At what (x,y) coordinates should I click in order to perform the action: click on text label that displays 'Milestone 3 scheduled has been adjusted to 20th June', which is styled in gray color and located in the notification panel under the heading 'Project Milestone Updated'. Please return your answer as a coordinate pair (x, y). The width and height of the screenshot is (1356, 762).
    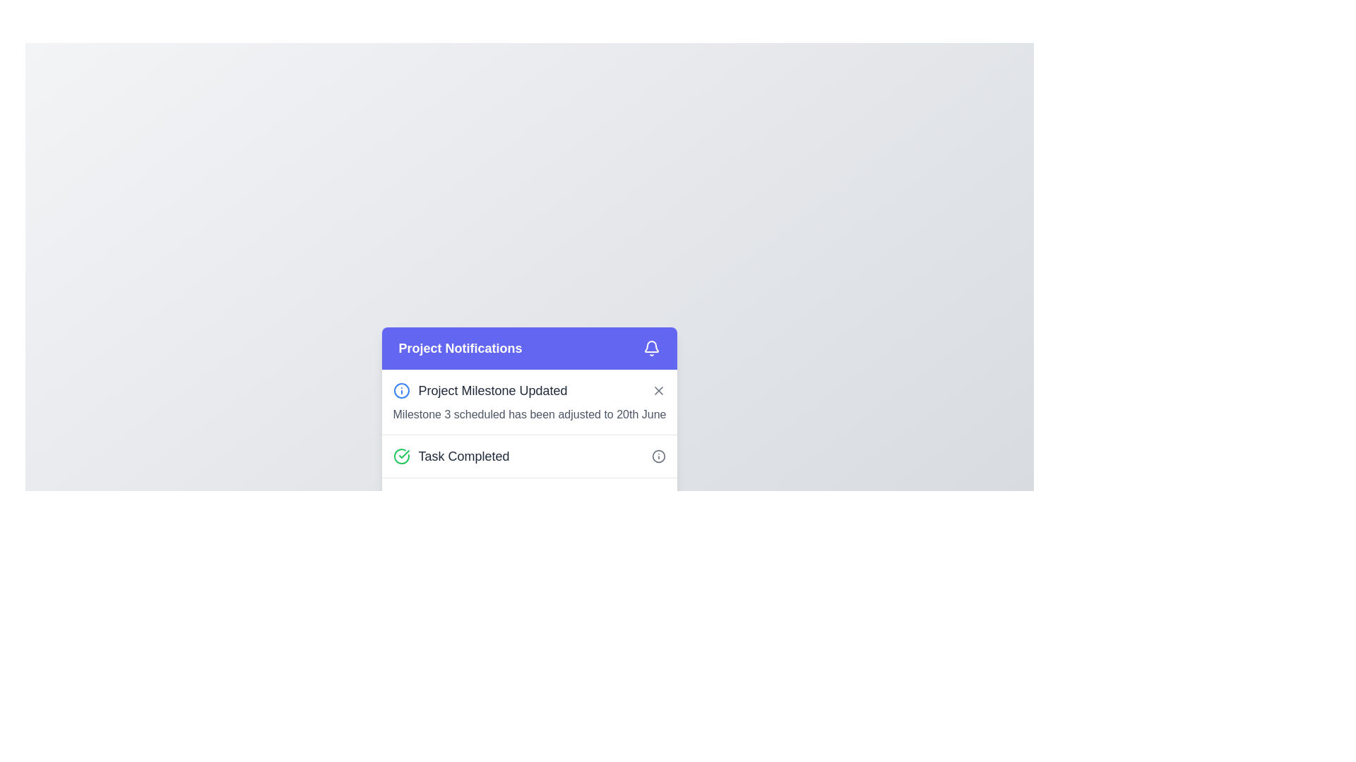
    Looking at the image, I should click on (528, 413).